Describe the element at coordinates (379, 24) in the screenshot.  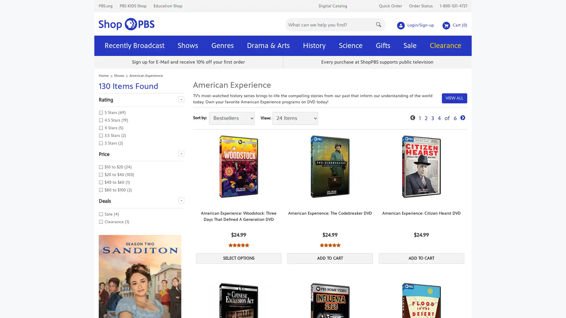
I see `Search Products` at that location.